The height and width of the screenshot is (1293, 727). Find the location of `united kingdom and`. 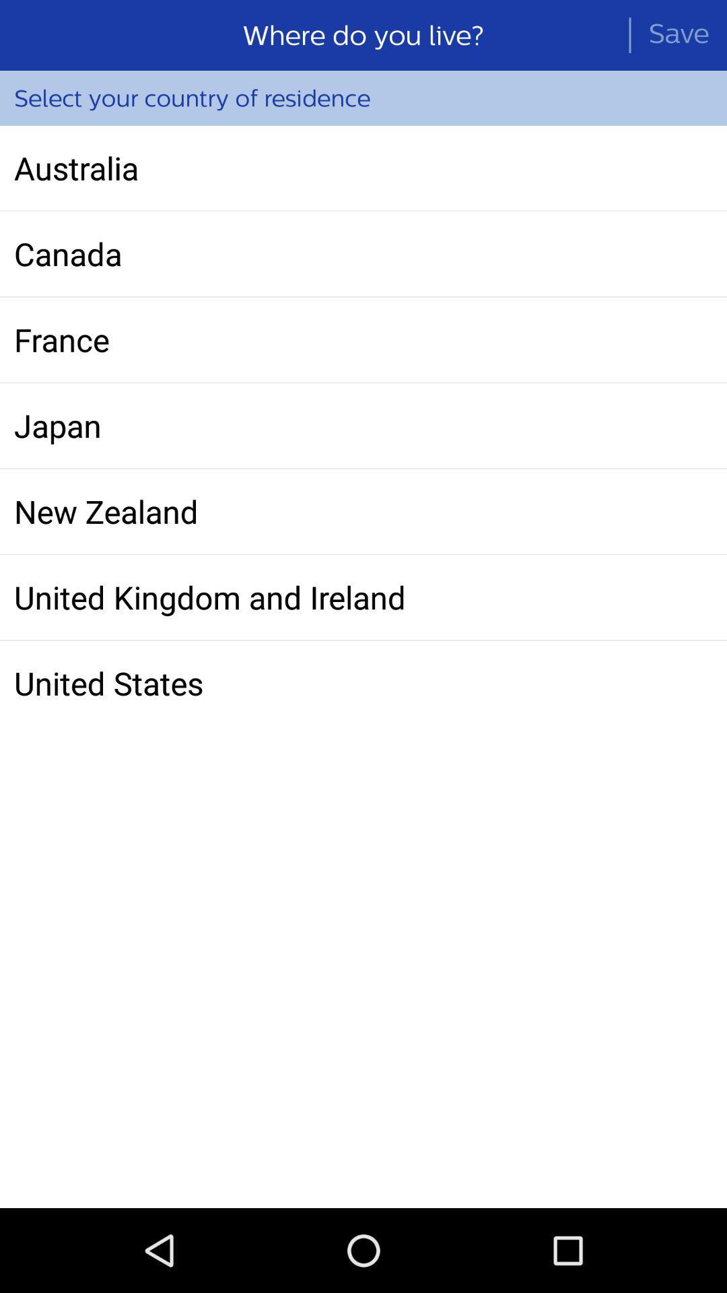

united kingdom and is located at coordinates (363, 597).